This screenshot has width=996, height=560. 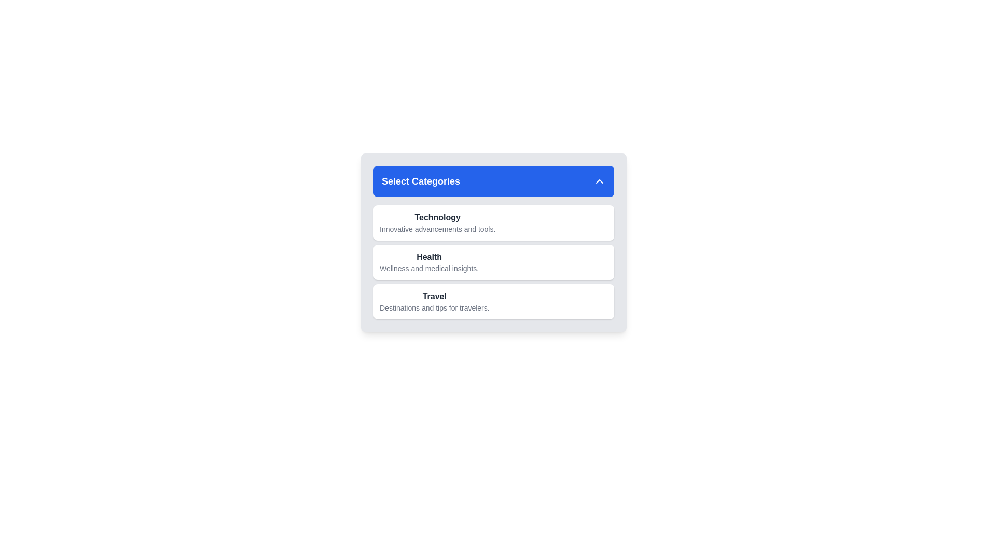 I want to click on the 'Technology' category selector card, which is the first item in the list under 'Select Categories', so click(x=437, y=222).